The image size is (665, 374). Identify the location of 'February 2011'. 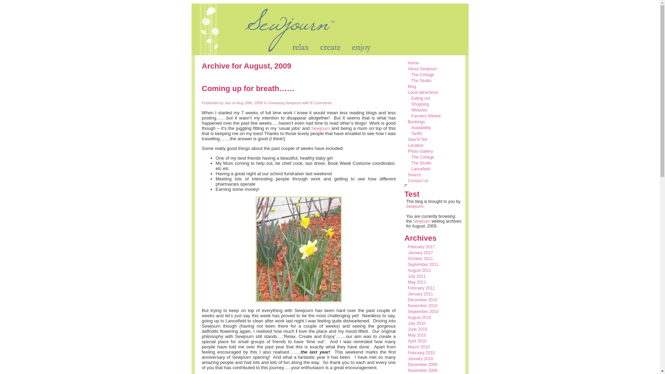
(421, 288).